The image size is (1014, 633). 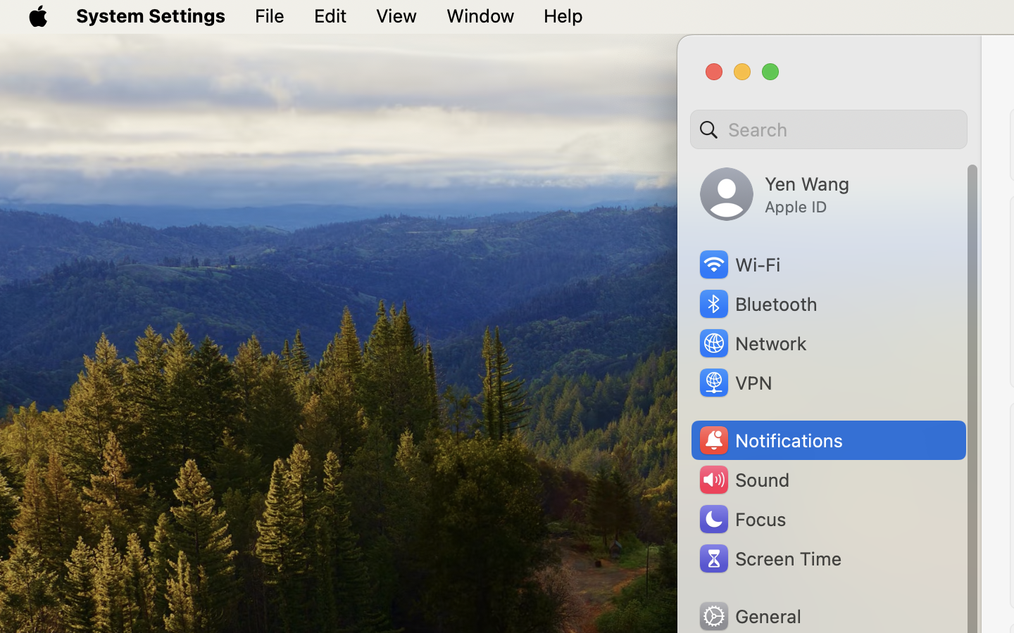 What do you see at coordinates (774, 193) in the screenshot?
I see `'Yen Wang, Apple ID'` at bounding box center [774, 193].